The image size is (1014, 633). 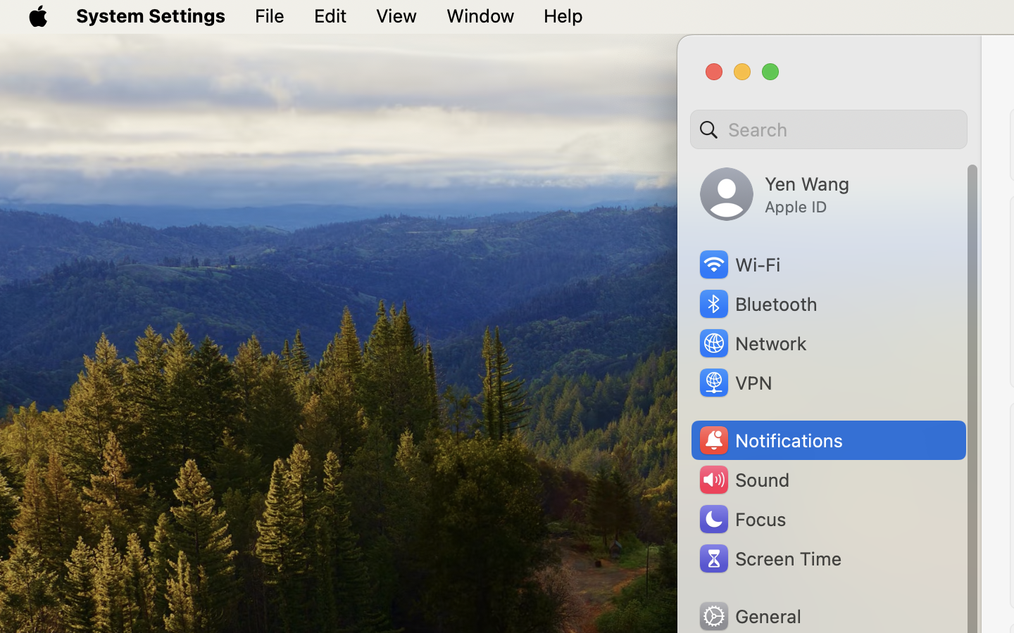 What do you see at coordinates (774, 193) in the screenshot?
I see `'Yen Wang, Apple ID'` at bounding box center [774, 193].